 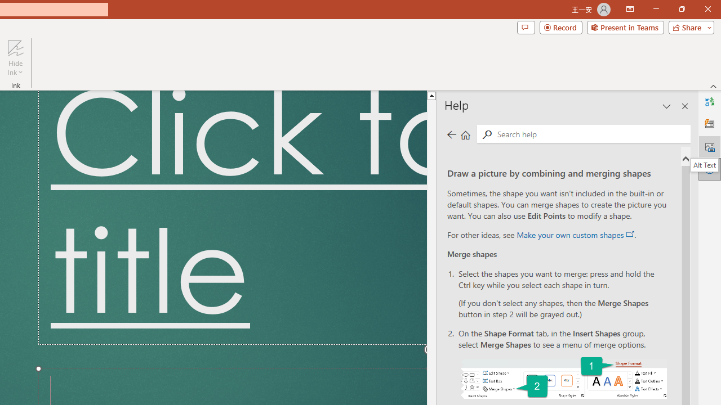 What do you see at coordinates (15, 47) in the screenshot?
I see `'Hide Ink'` at bounding box center [15, 47].